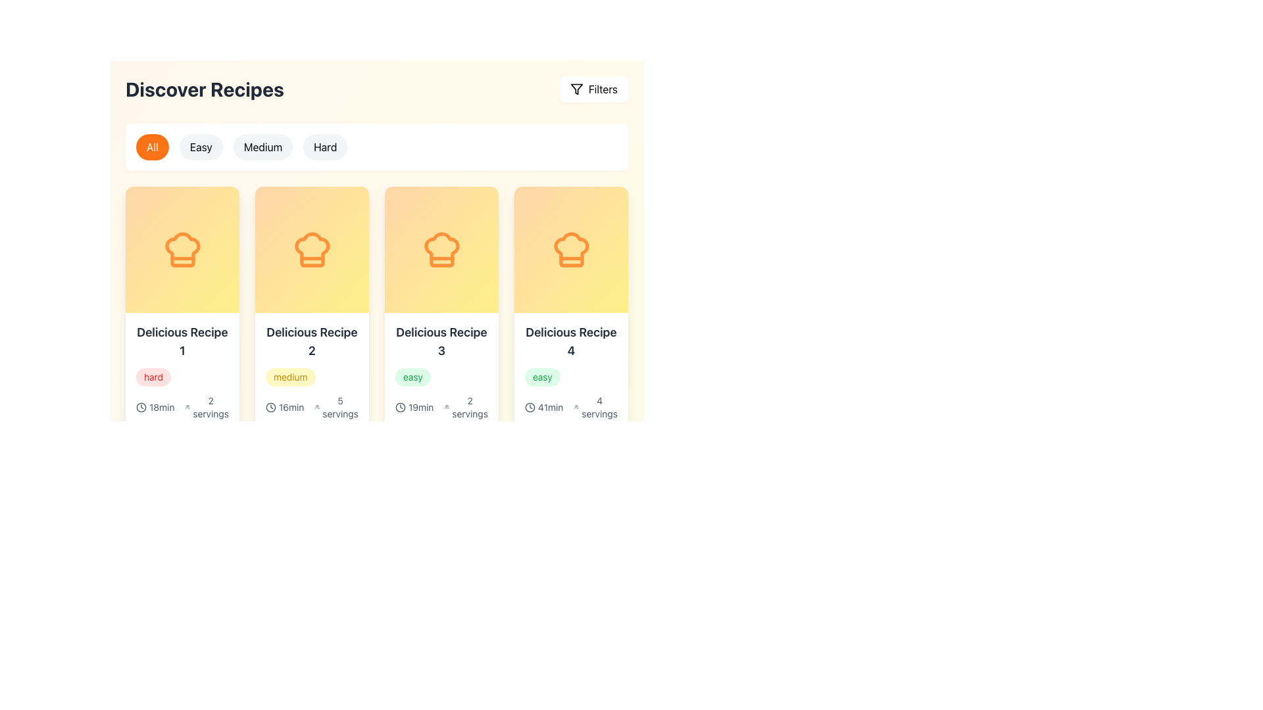  What do you see at coordinates (571, 250) in the screenshot?
I see `culinary icon located at the top-center of the fourth card titled 'Delicious Recipe 4', which is set against an orange-yellow gradient background` at bounding box center [571, 250].